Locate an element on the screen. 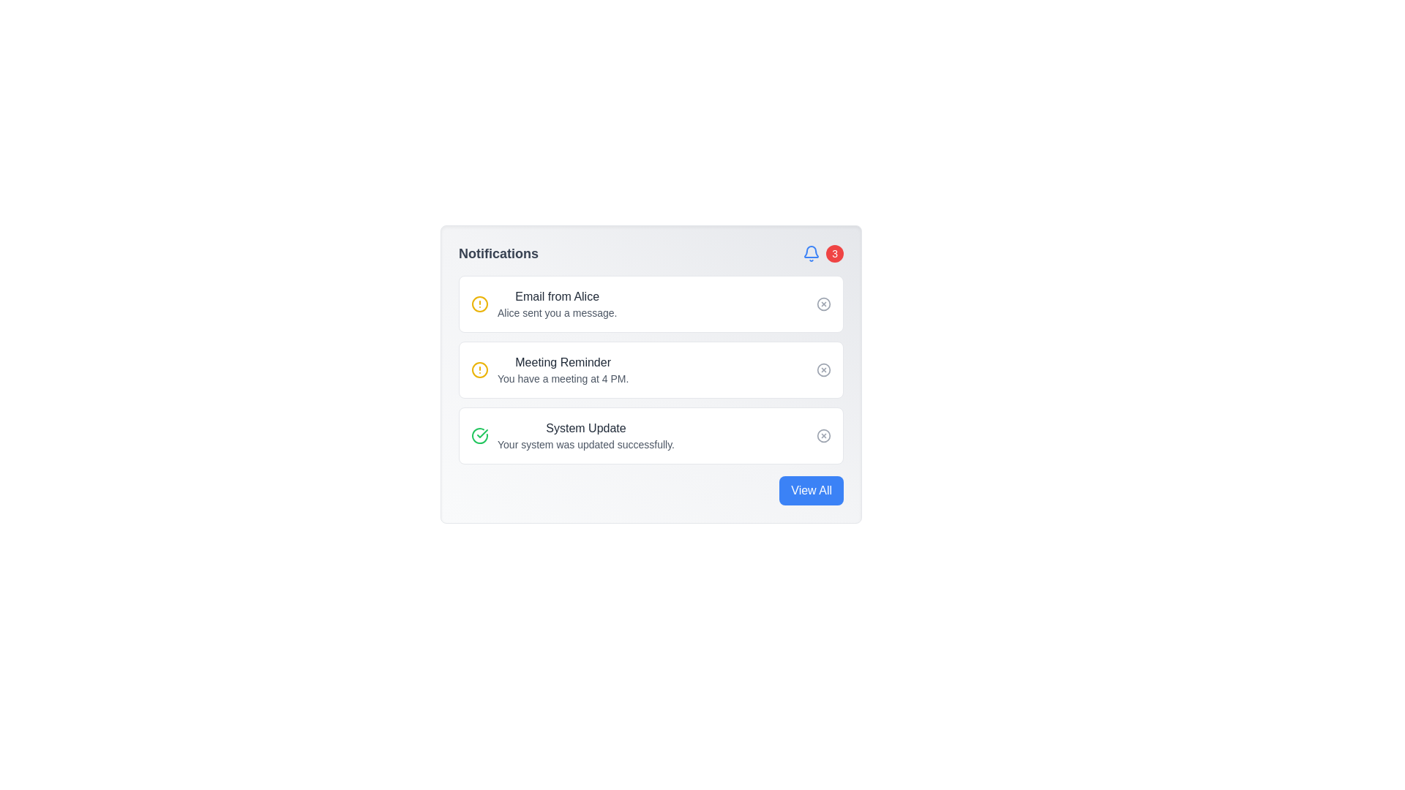 The image size is (1405, 790). the circular alert icon with a yellow fill and exclamation mark, located to the left of the 'Meeting Reminder' text in the second notification entry is located at coordinates (480, 369).